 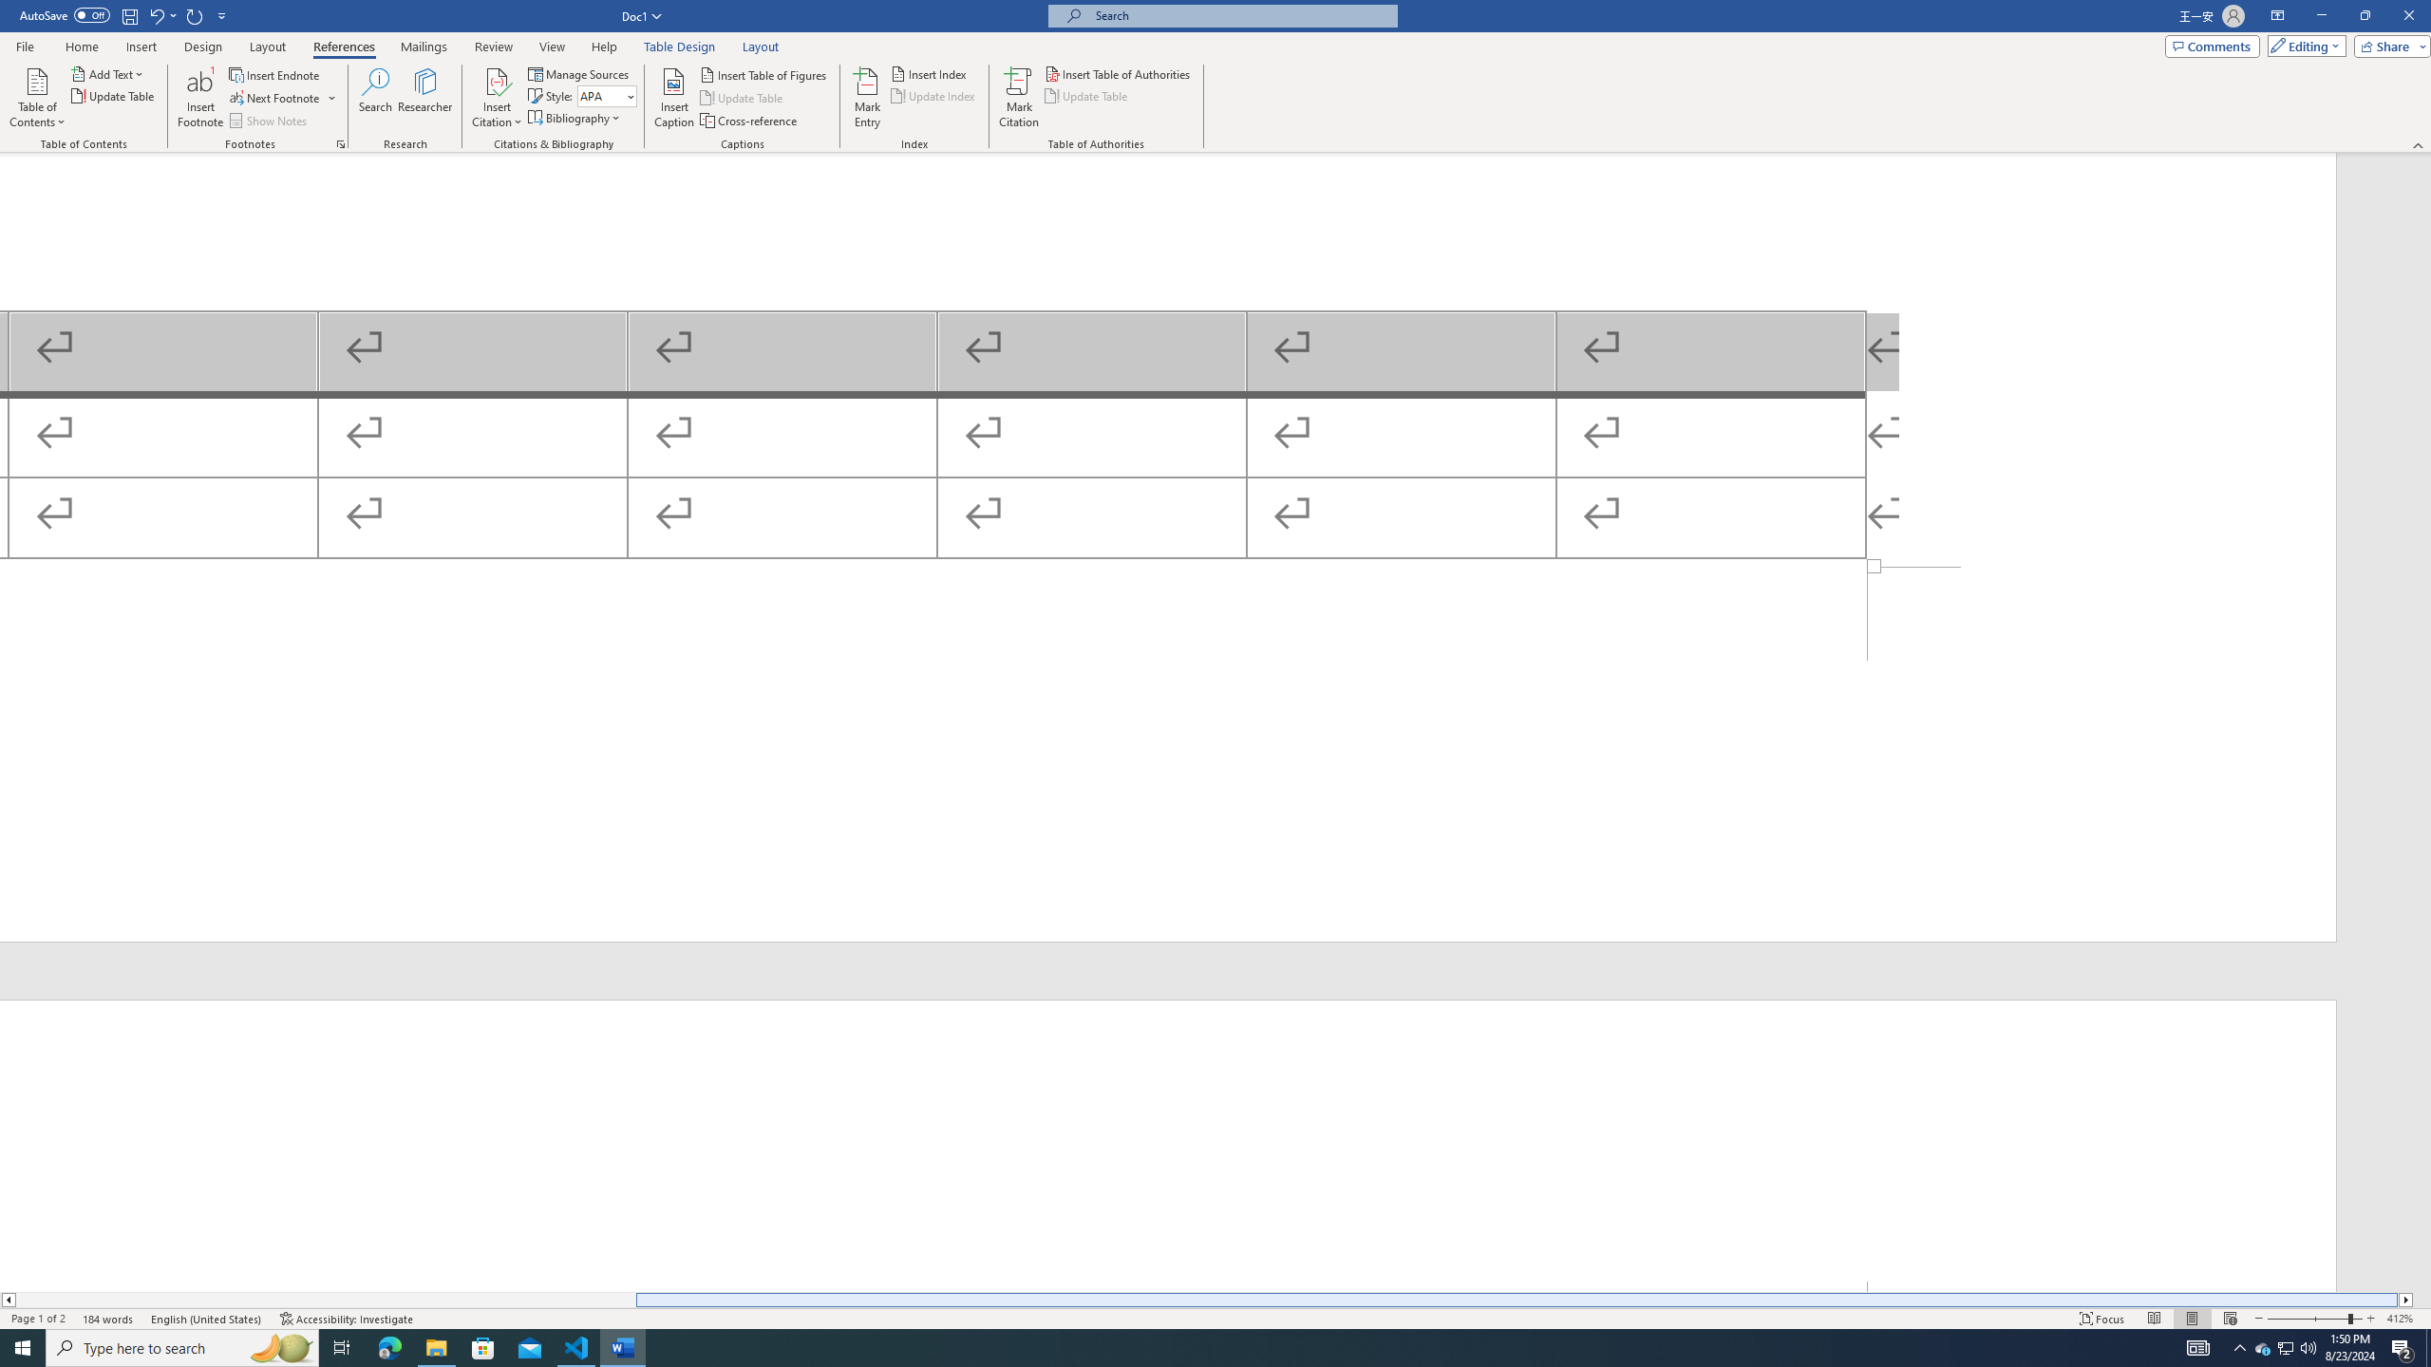 I want to click on 'Page Number Page 1 of 2', so click(x=38, y=1319).